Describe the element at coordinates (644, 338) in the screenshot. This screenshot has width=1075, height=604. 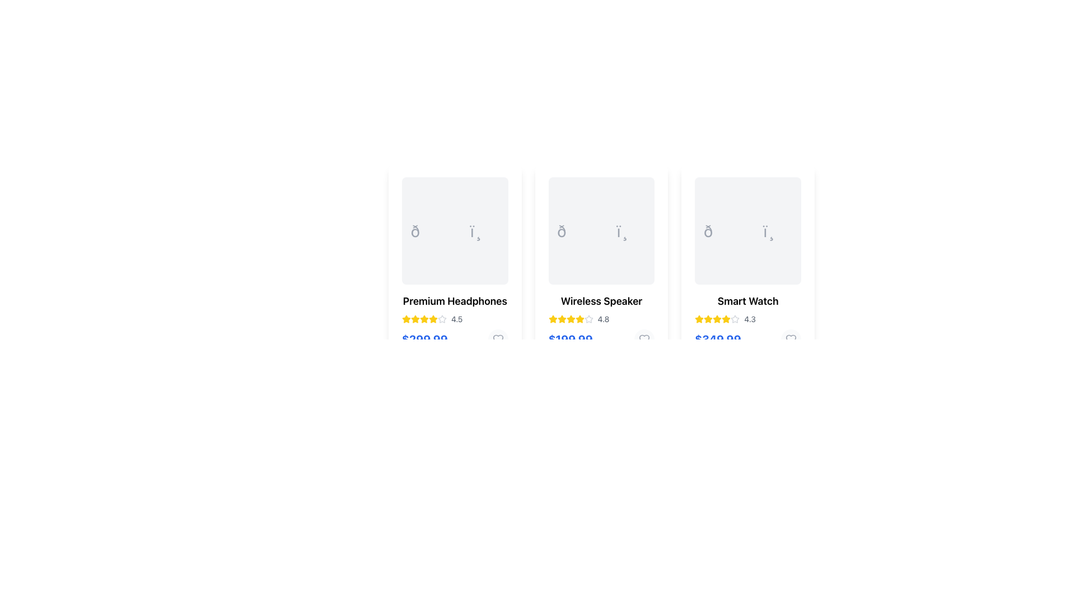
I see `the third heart icon in the horizontal row of product listings within the 'Wireless Speaker' item card to mark it as a favorite` at that location.